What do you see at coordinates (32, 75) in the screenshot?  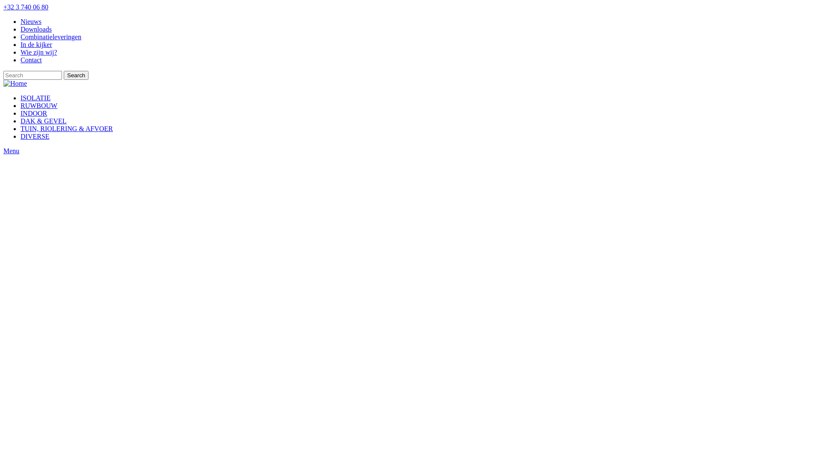 I see `'Geef de woorden op waarnaar u wilt zoeken.'` at bounding box center [32, 75].